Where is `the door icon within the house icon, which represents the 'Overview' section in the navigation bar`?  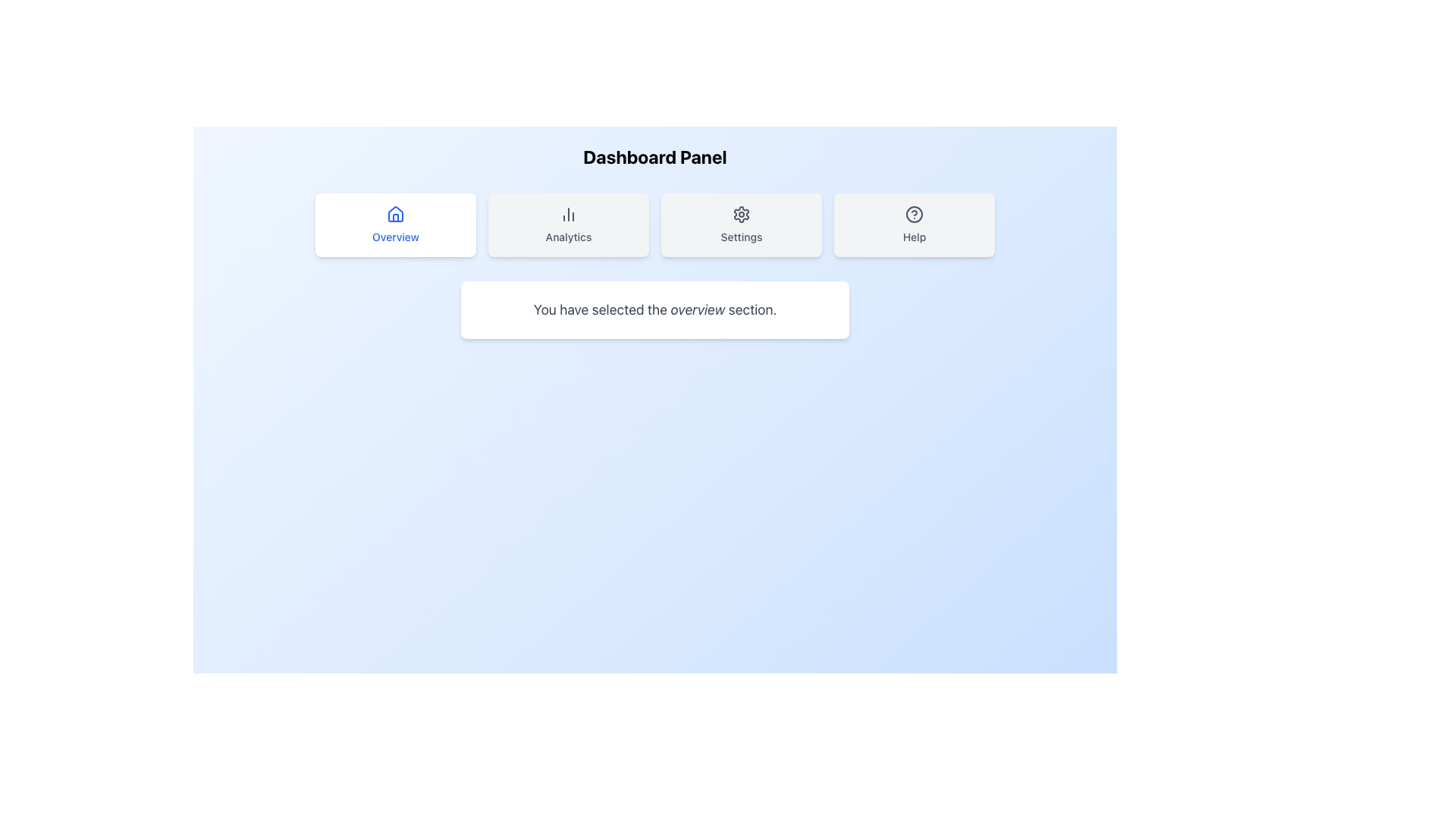 the door icon within the house icon, which represents the 'Overview' section in the navigation bar is located at coordinates (396, 218).